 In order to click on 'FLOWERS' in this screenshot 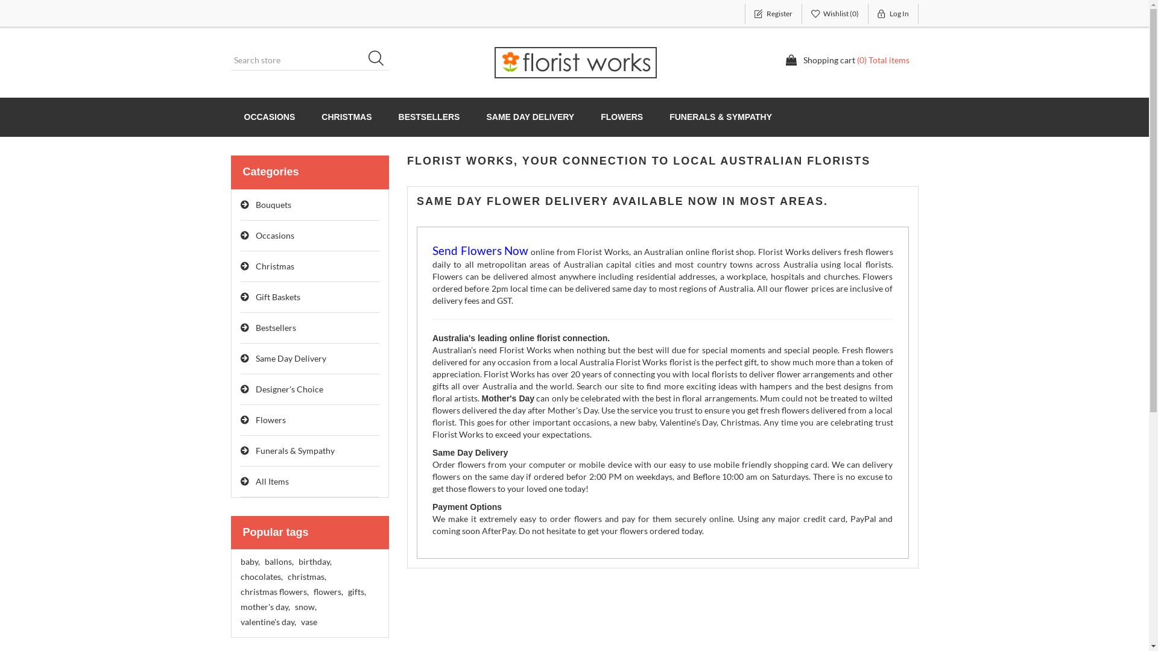, I will do `click(587, 117)`.